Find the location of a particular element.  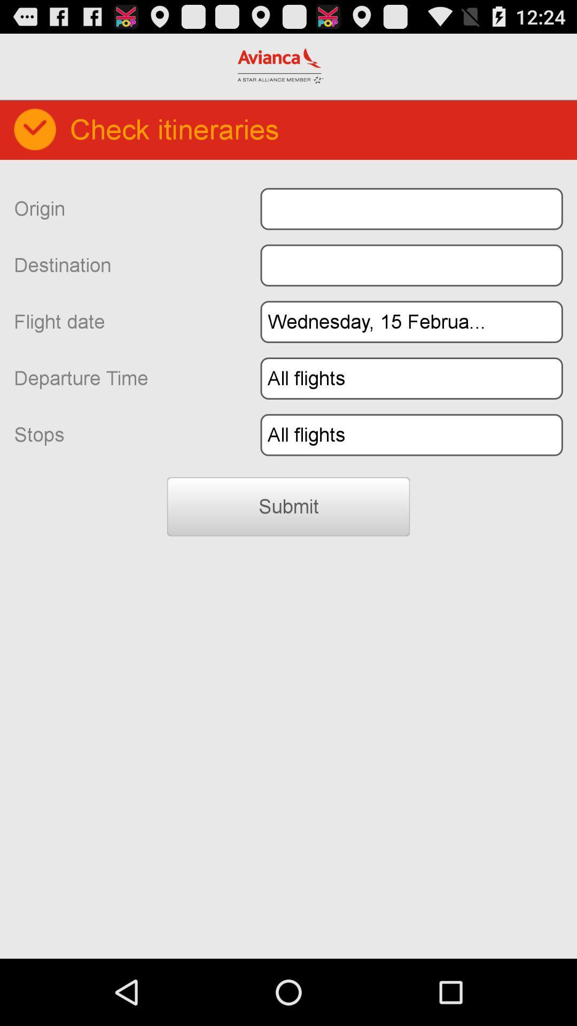

destination input is located at coordinates (411, 265).